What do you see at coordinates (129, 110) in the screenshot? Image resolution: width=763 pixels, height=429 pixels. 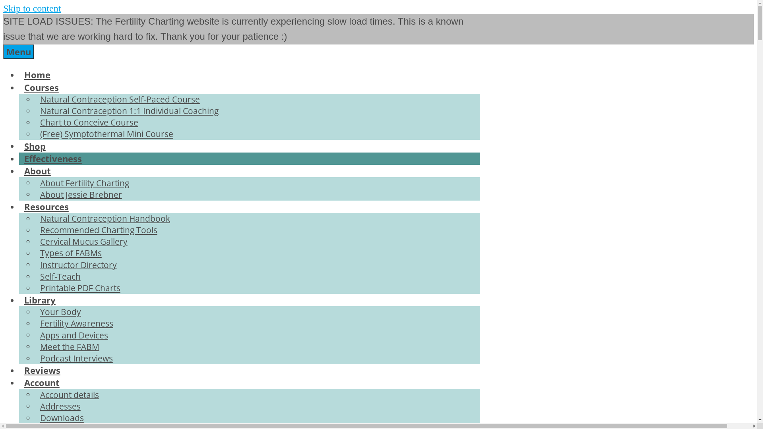 I see `'Natural Contraception 1:1 Individual Coaching'` at bounding box center [129, 110].